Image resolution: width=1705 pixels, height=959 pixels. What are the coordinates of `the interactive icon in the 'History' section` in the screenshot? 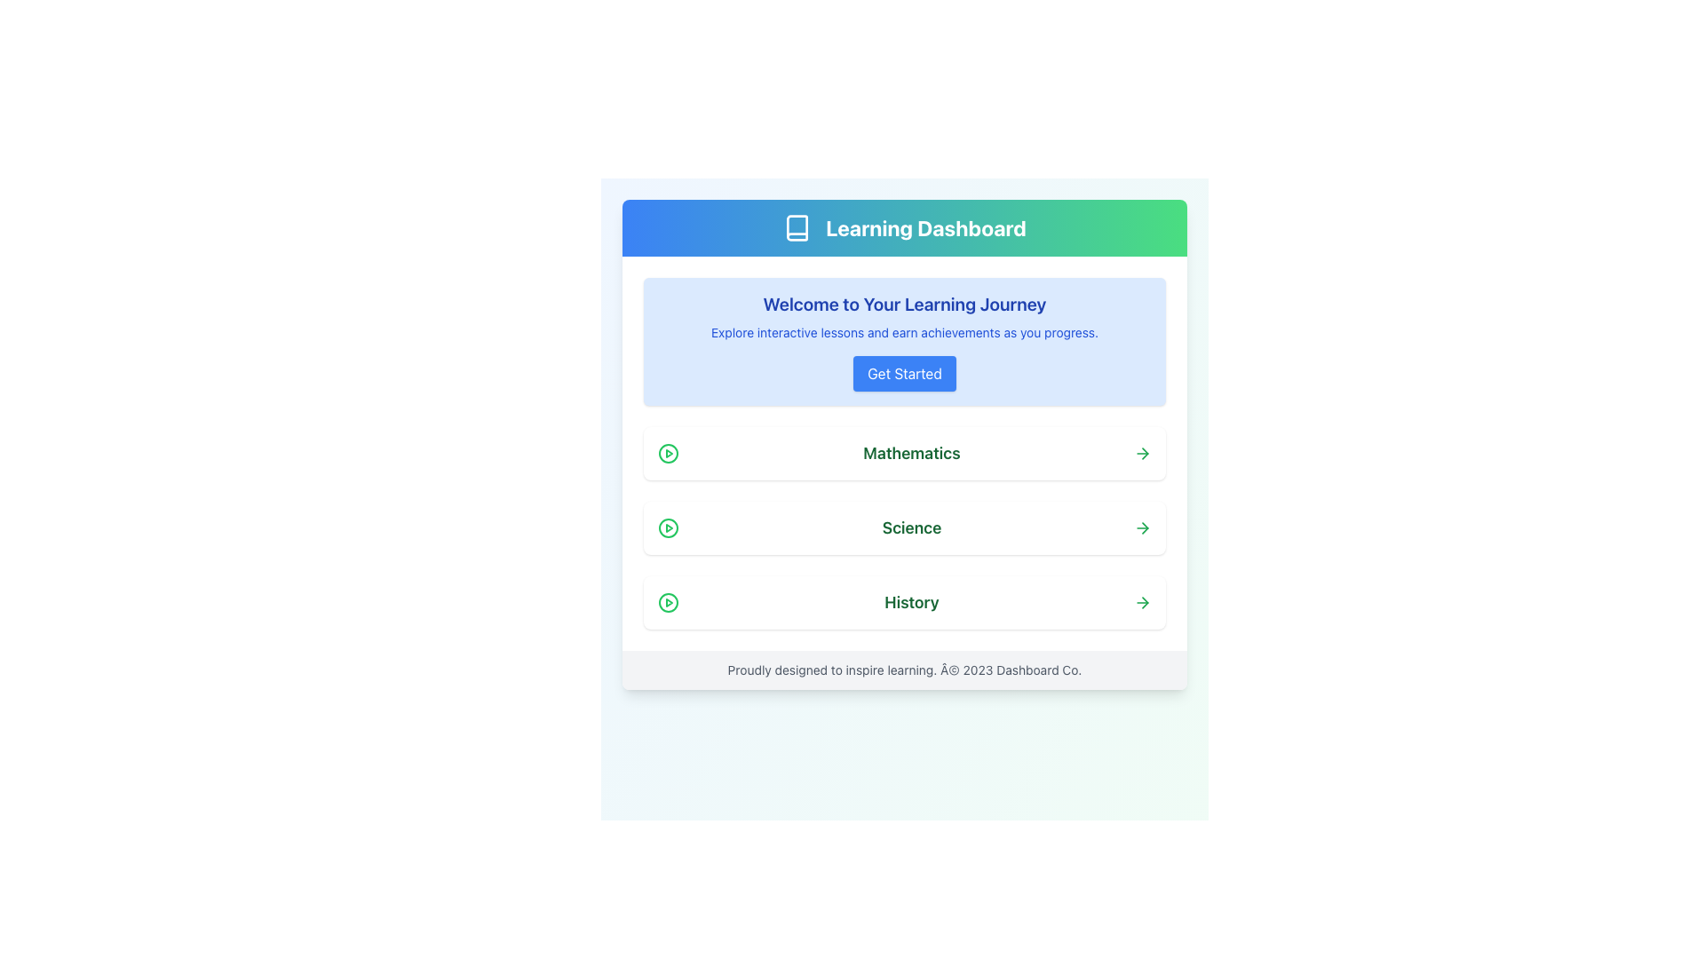 It's located at (668, 601).